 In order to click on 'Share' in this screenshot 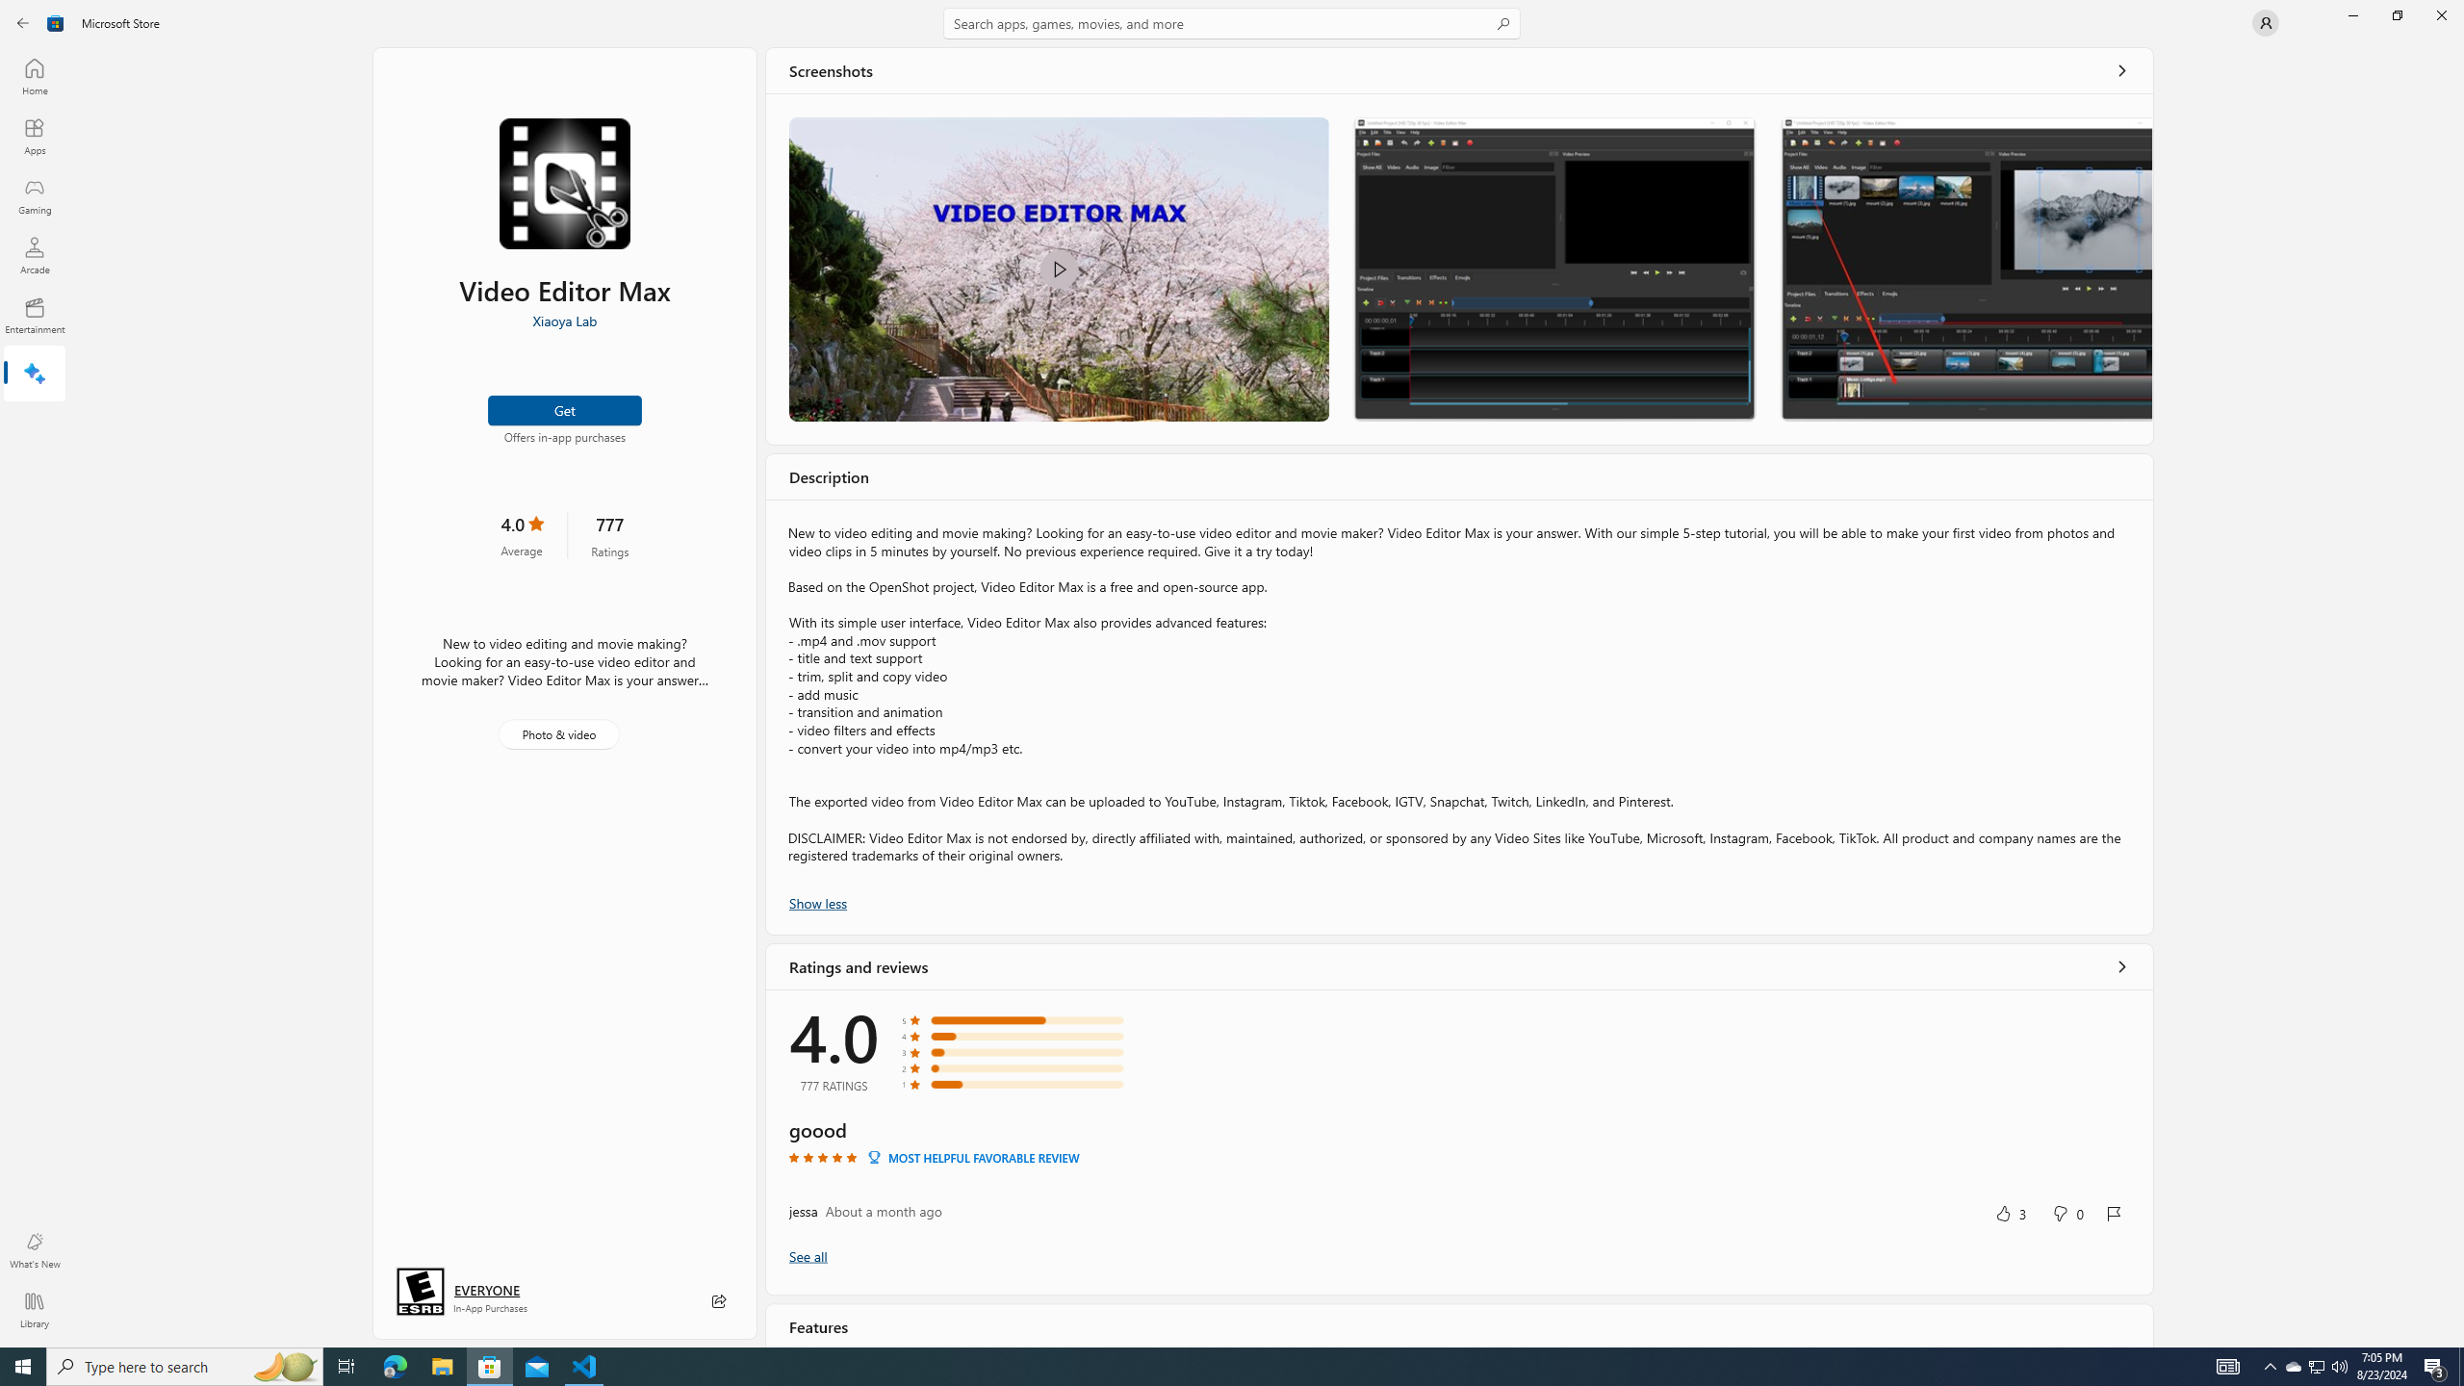, I will do `click(718, 1300)`.